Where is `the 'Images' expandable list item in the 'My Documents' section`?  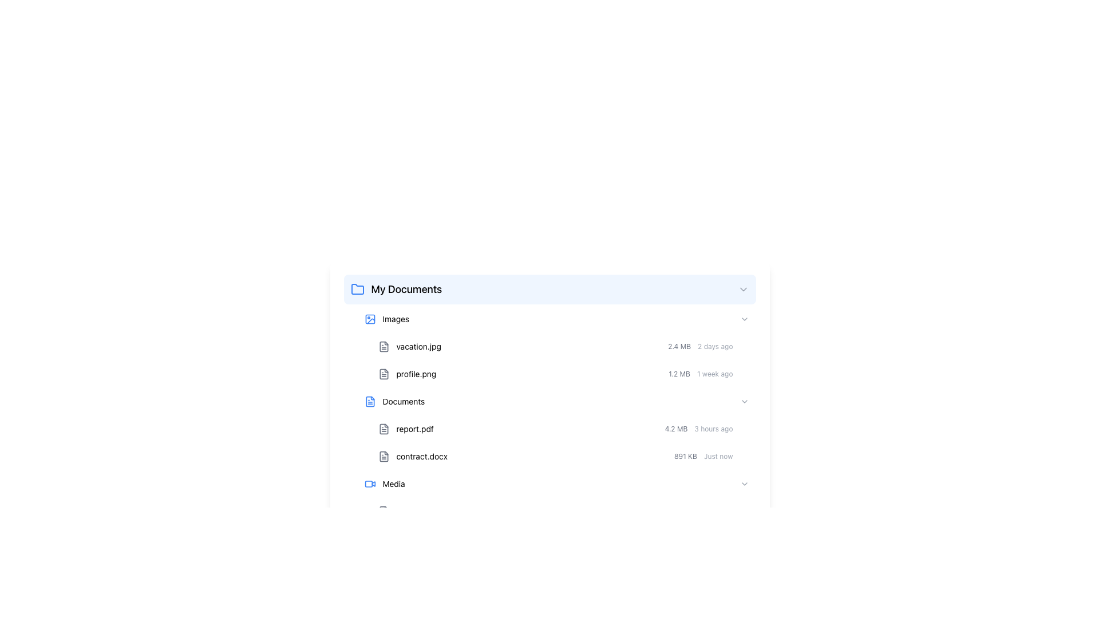 the 'Images' expandable list item in the 'My Documents' section is located at coordinates (556, 319).